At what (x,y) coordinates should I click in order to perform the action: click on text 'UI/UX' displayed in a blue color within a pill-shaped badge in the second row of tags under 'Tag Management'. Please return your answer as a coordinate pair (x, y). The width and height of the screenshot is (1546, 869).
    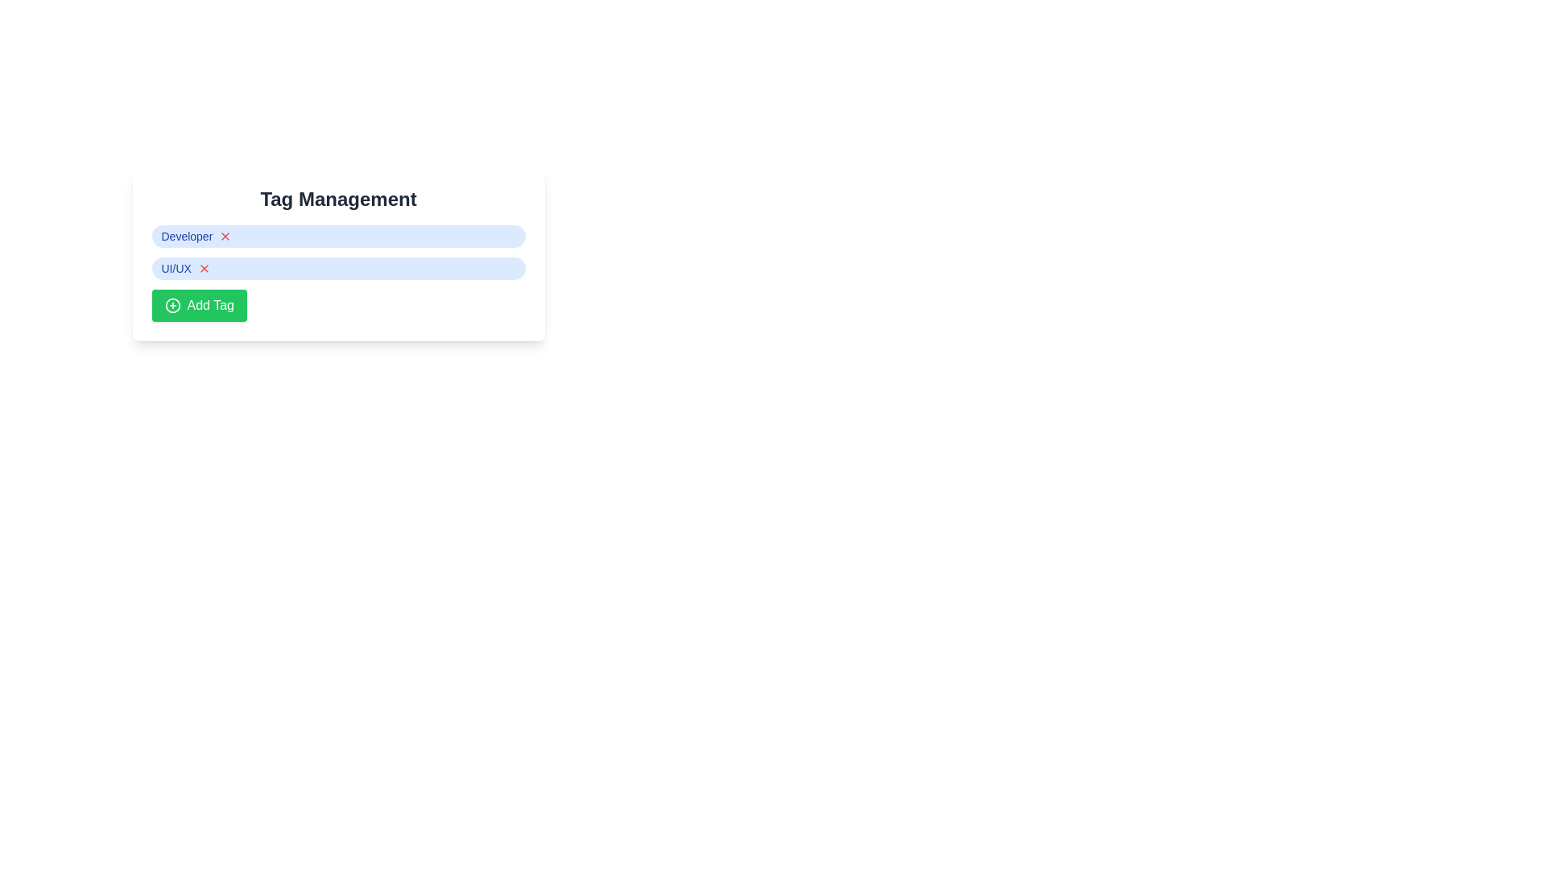
    Looking at the image, I should click on (176, 268).